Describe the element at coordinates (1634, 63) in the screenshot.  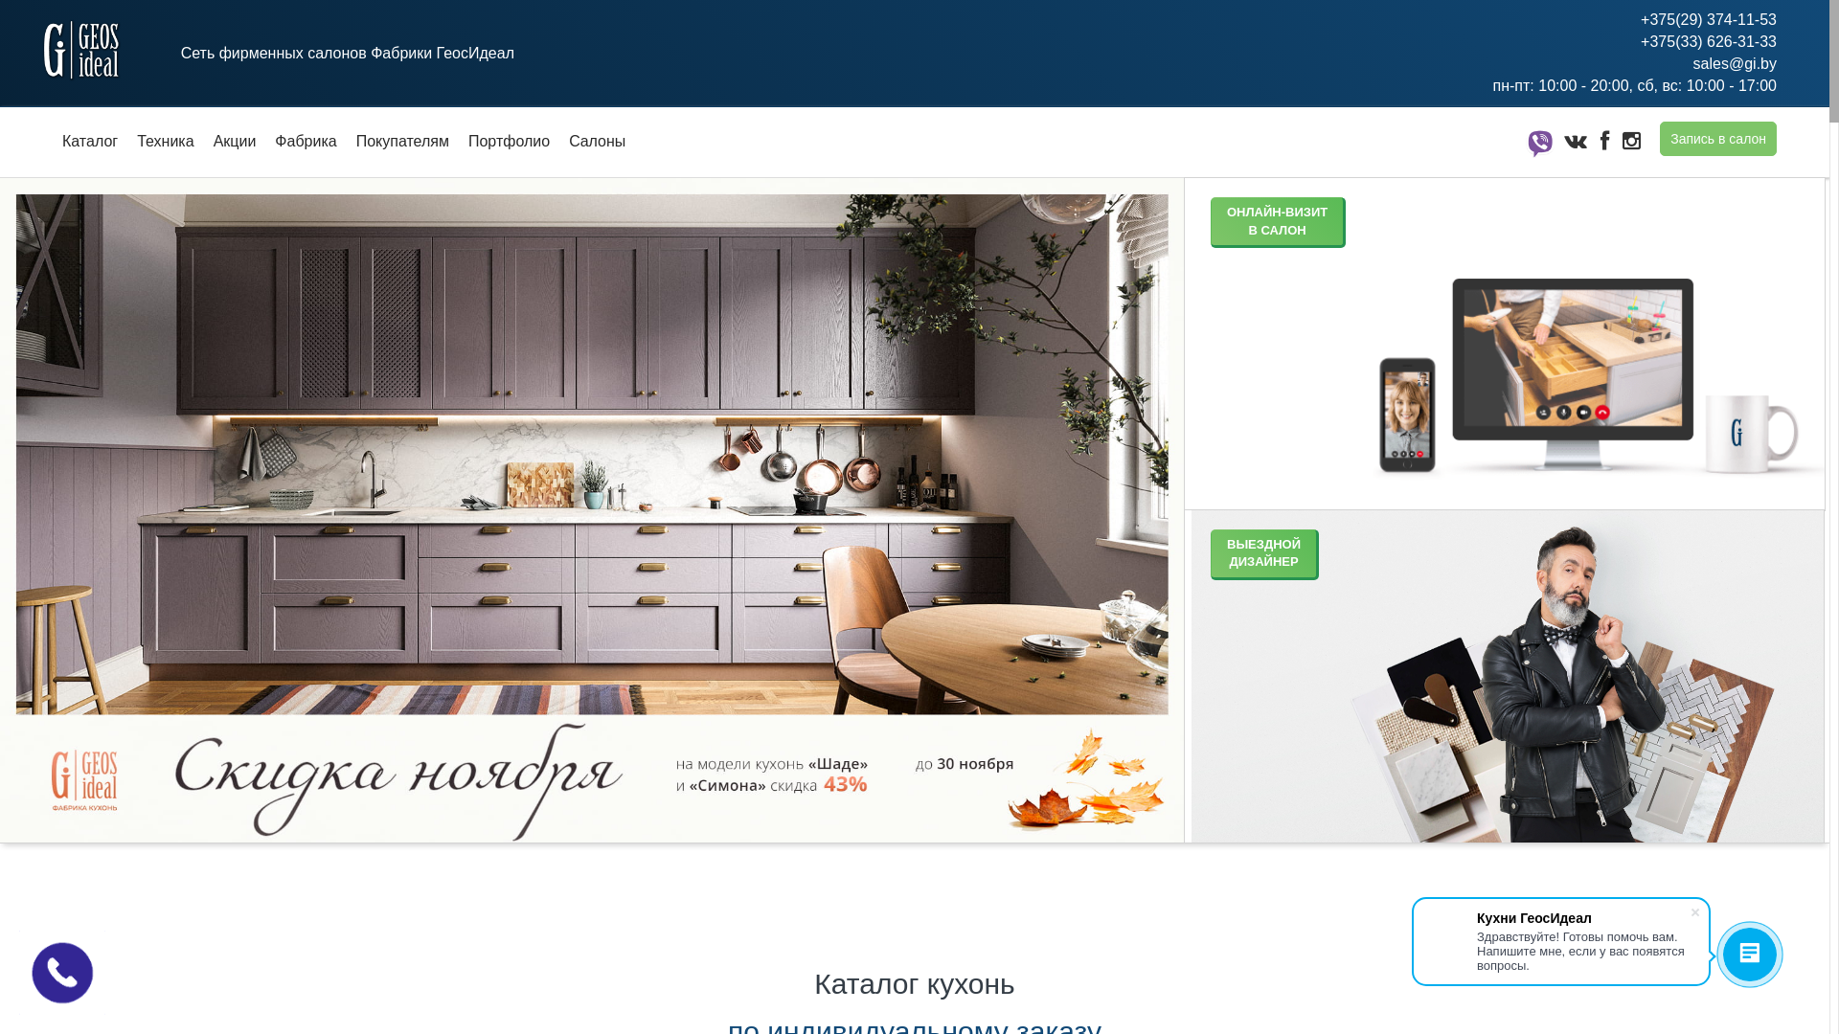
I see `'sales@gi.by'` at that location.